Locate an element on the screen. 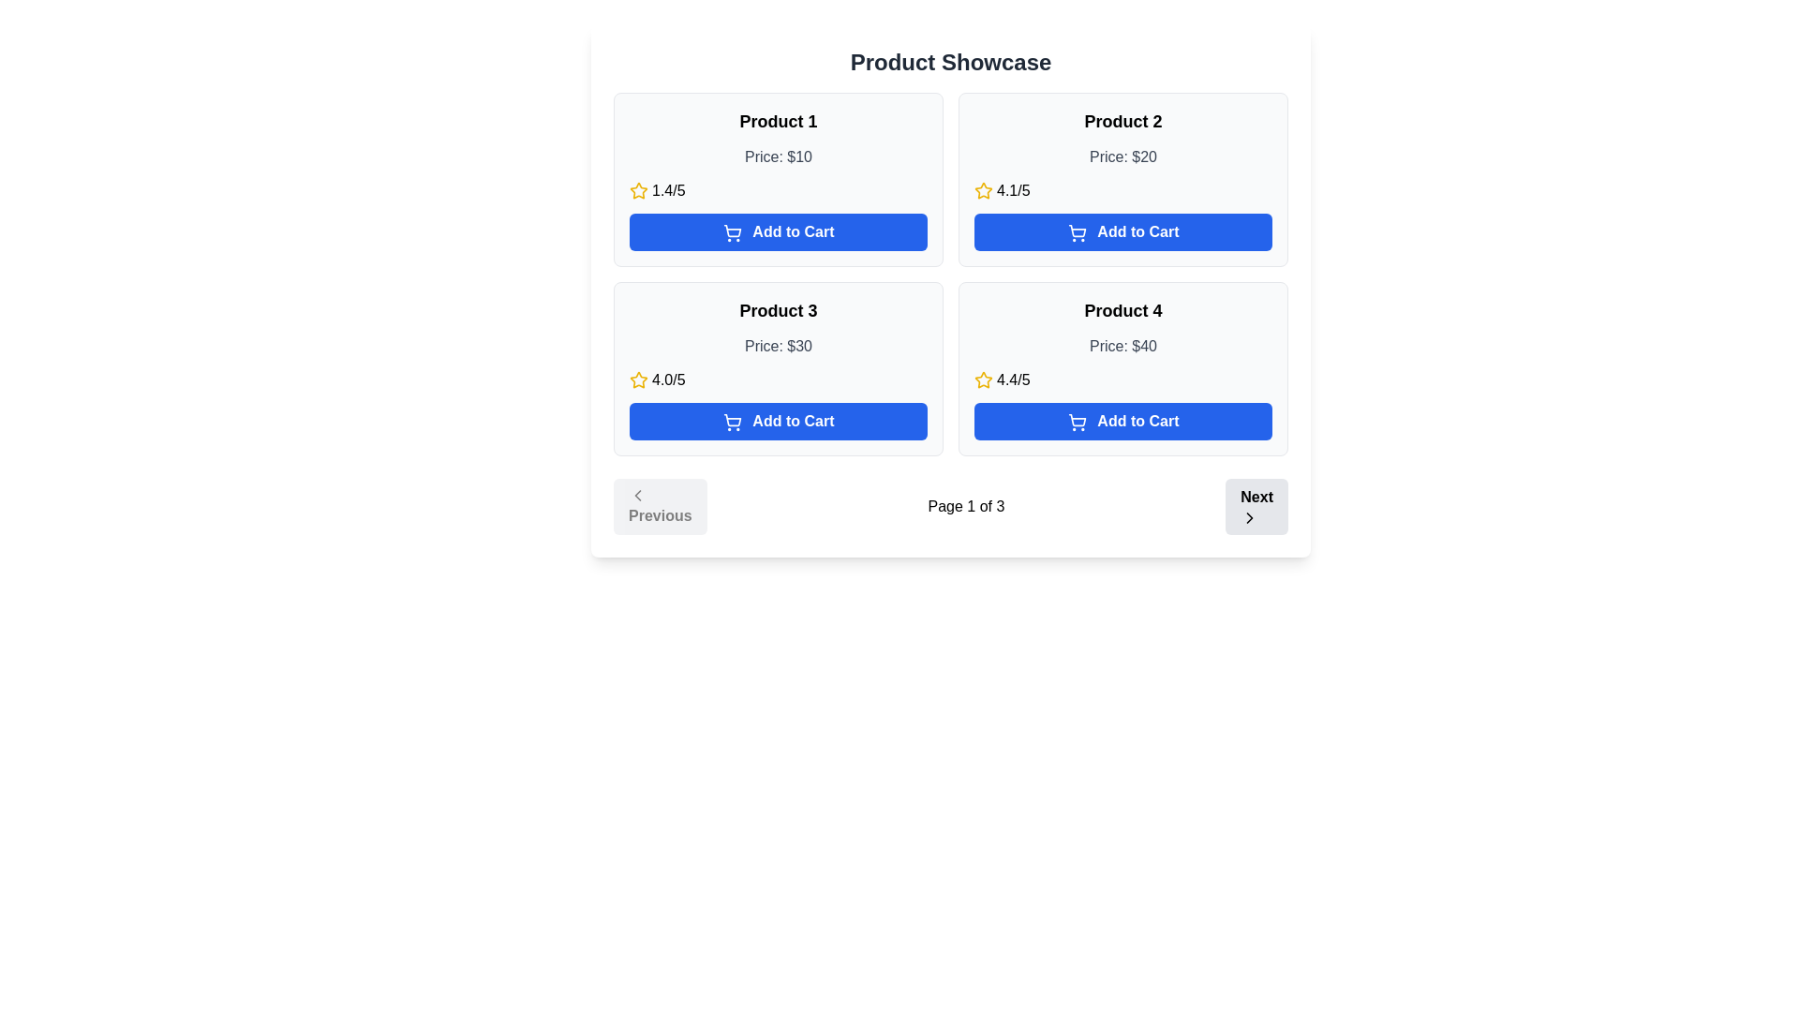  the text label that displays the price of 'Product 2', which is located below the title and above the rating information within the product's card in the top-right corner of the layout is located at coordinates (1123, 156).